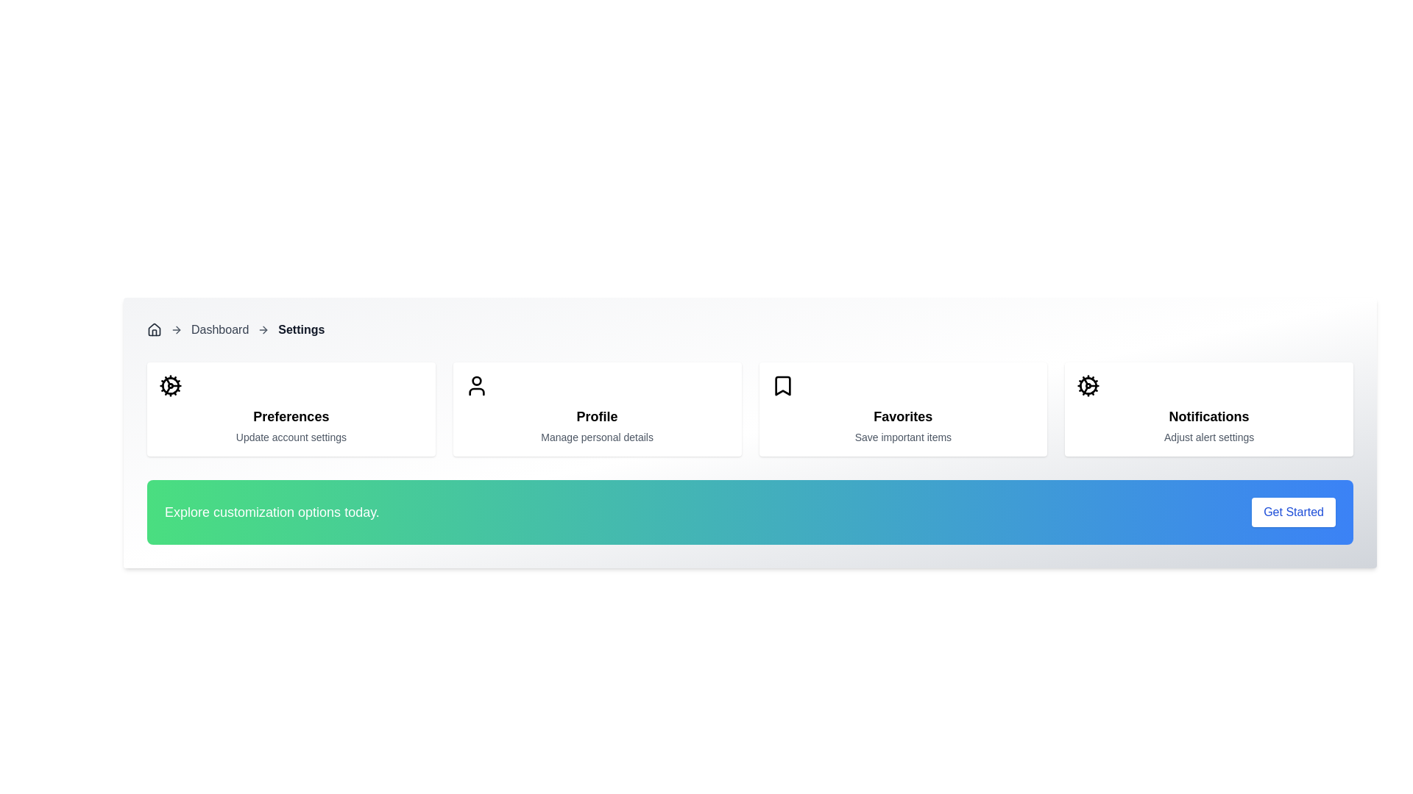  I want to click on the bookmark icon located inside the 'Favorites' card, which is the third card in a horizontal row of four cards, so click(782, 385).